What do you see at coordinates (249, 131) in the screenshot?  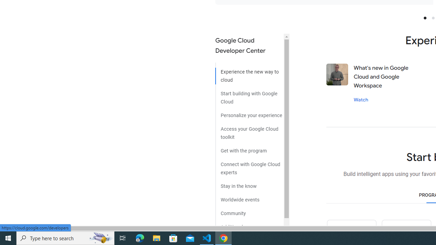 I see `'Access your Google Cloud toolkit'` at bounding box center [249, 131].